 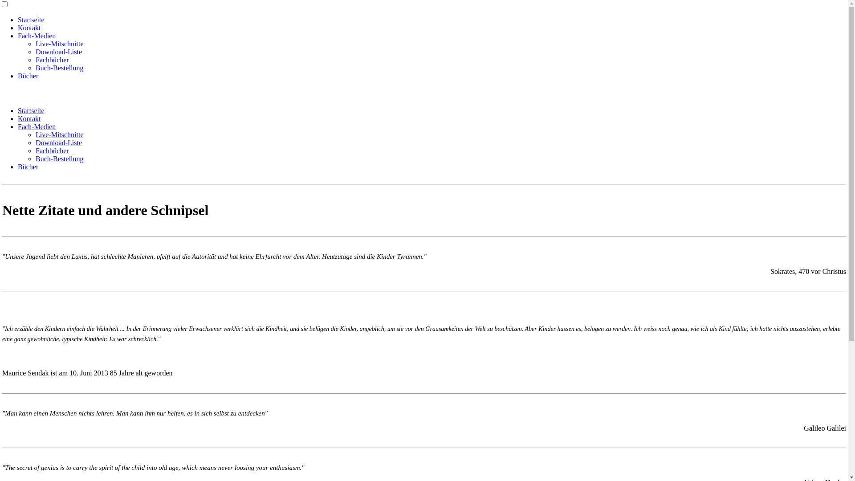 What do you see at coordinates (58, 52) in the screenshot?
I see `'Download-Liste'` at bounding box center [58, 52].